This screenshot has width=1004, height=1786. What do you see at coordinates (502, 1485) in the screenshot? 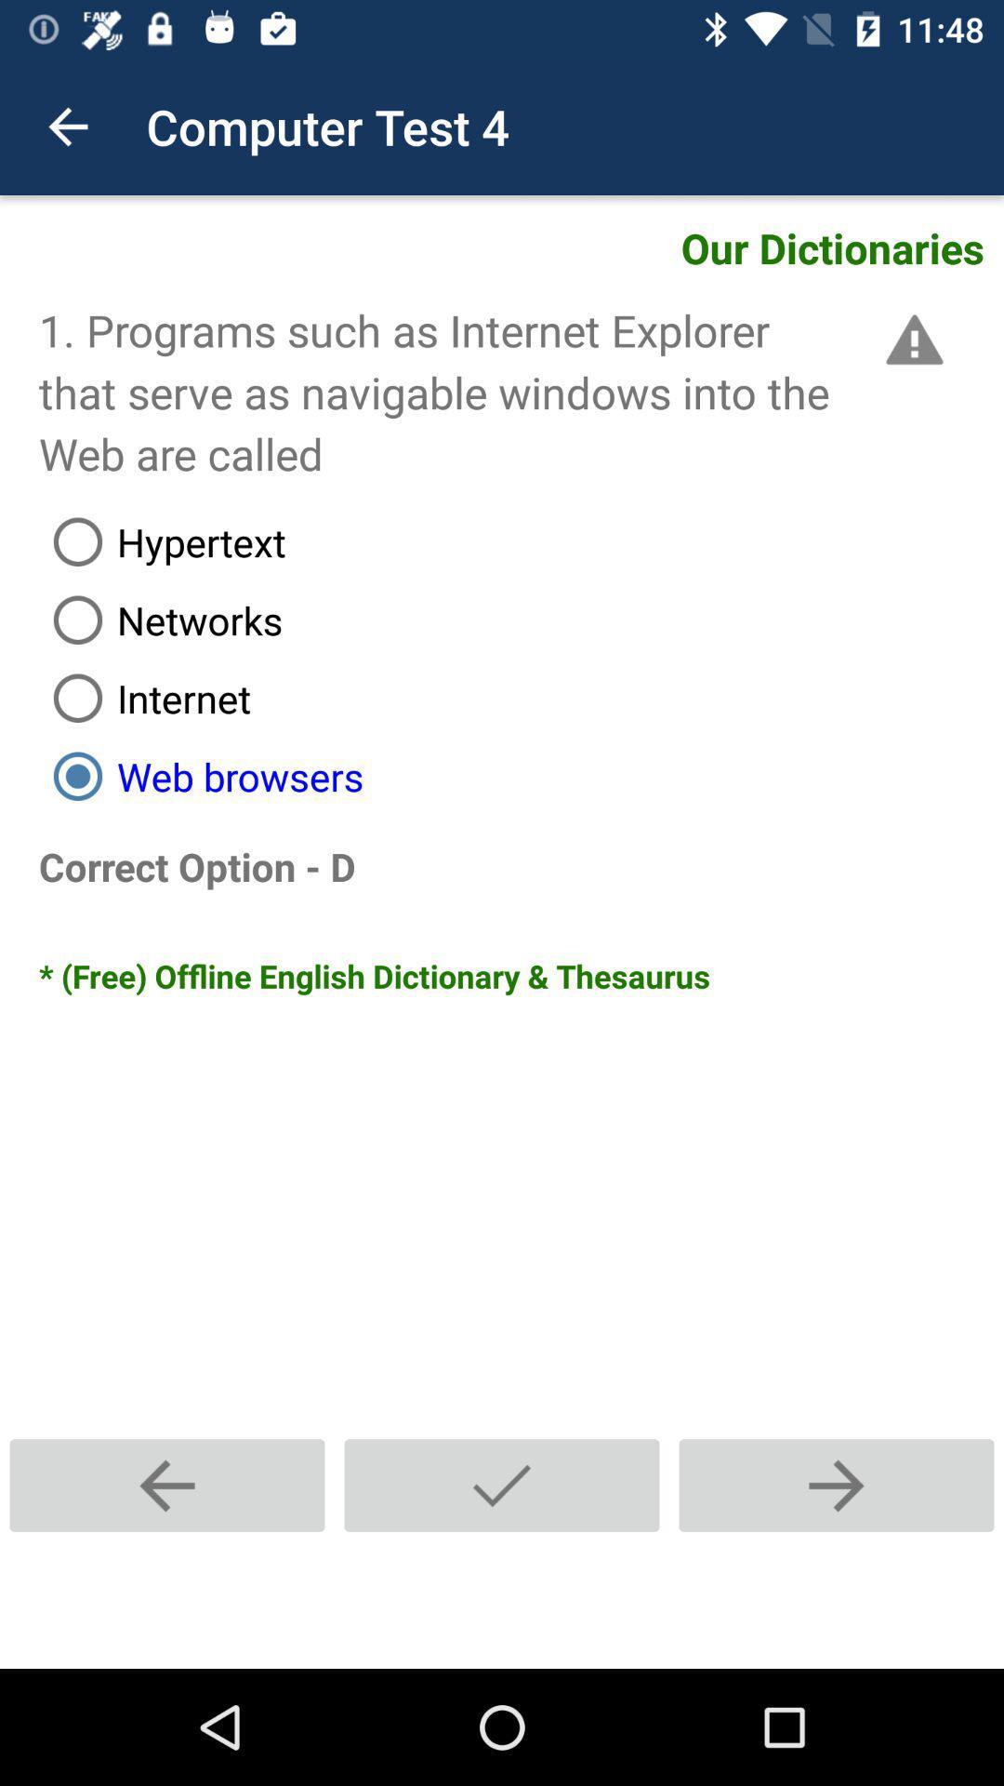
I see `confirm selection` at bounding box center [502, 1485].